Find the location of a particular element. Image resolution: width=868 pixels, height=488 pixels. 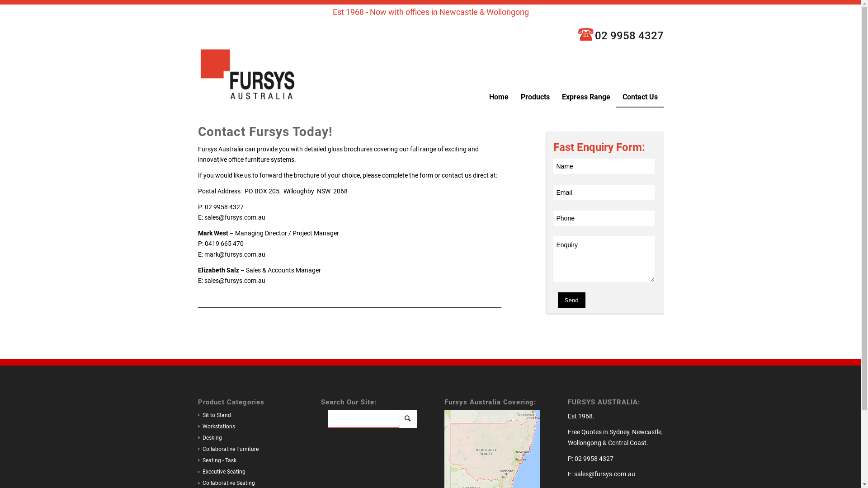

'Collaborative Seating' is located at coordinates (226, 482).